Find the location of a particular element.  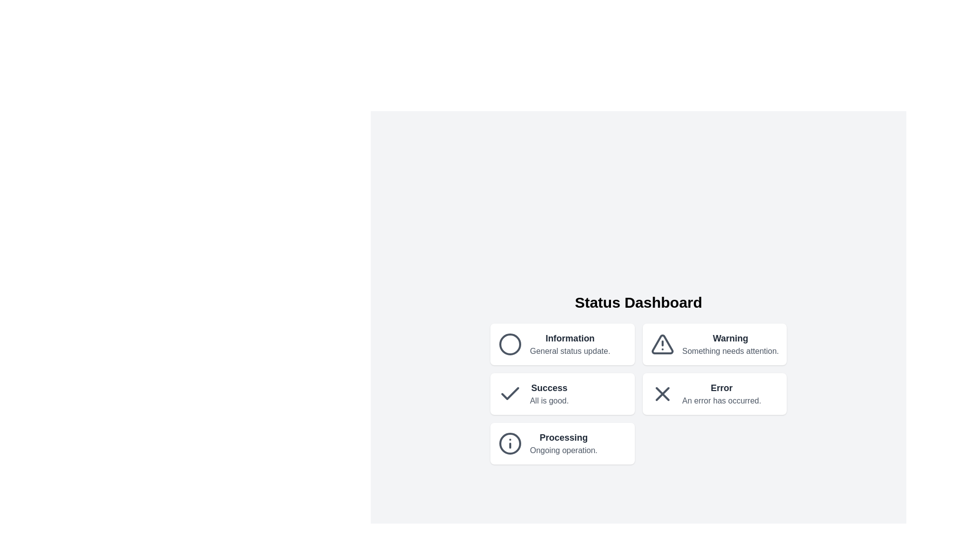

the triangular warning icon, which is part of the 'Warning' card located in the top-right quadrant of the dashboard interface is located at coordinates (662, 344).